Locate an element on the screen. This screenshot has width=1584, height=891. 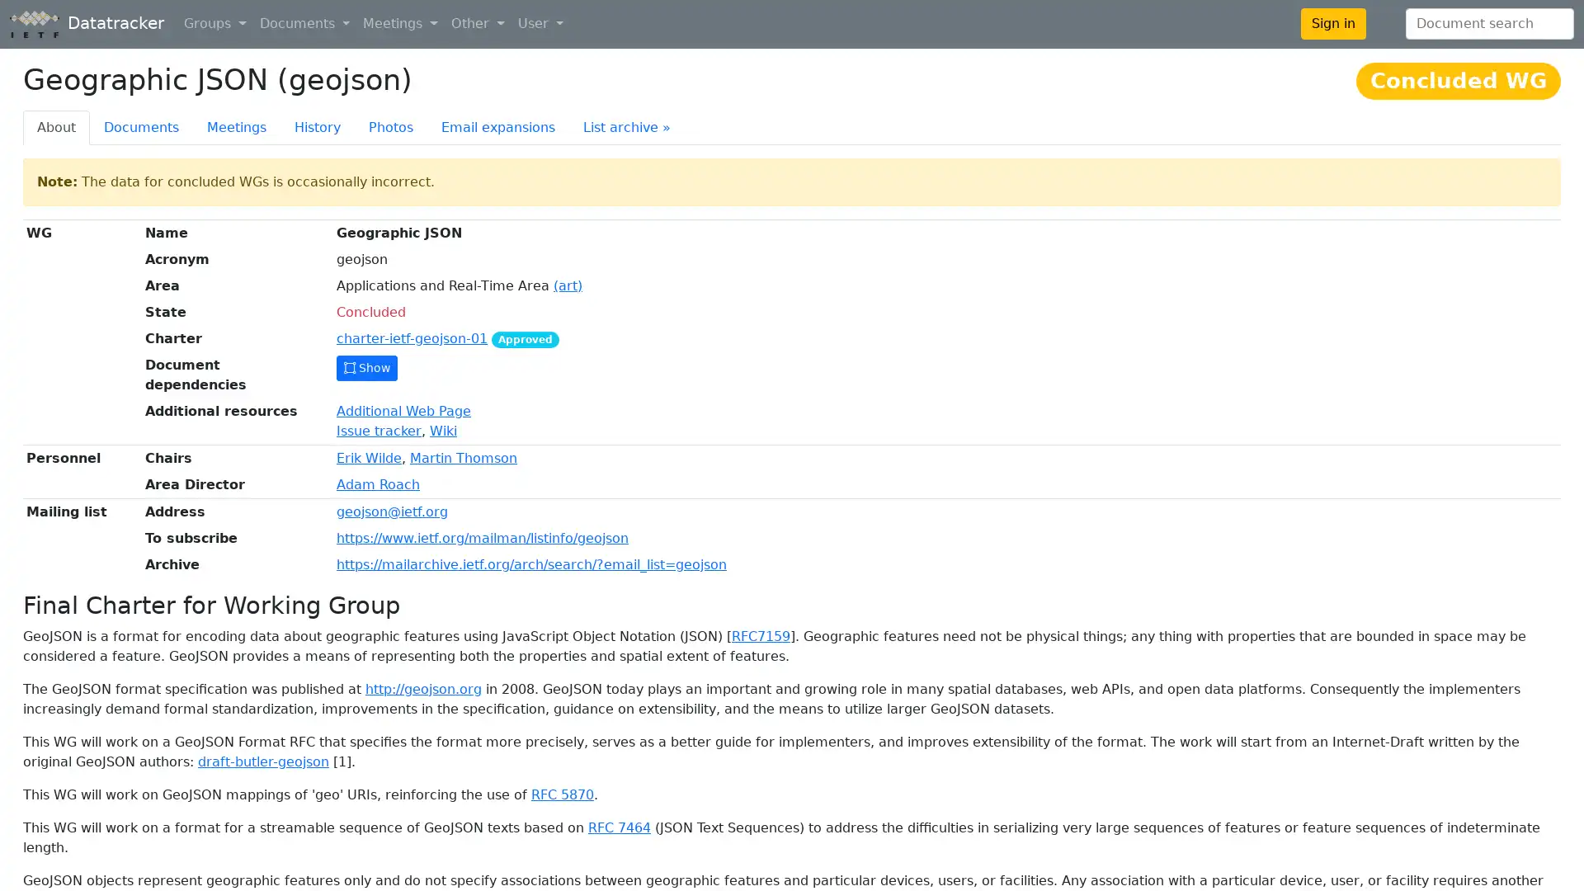
Other is located at coordinates (477, 24).